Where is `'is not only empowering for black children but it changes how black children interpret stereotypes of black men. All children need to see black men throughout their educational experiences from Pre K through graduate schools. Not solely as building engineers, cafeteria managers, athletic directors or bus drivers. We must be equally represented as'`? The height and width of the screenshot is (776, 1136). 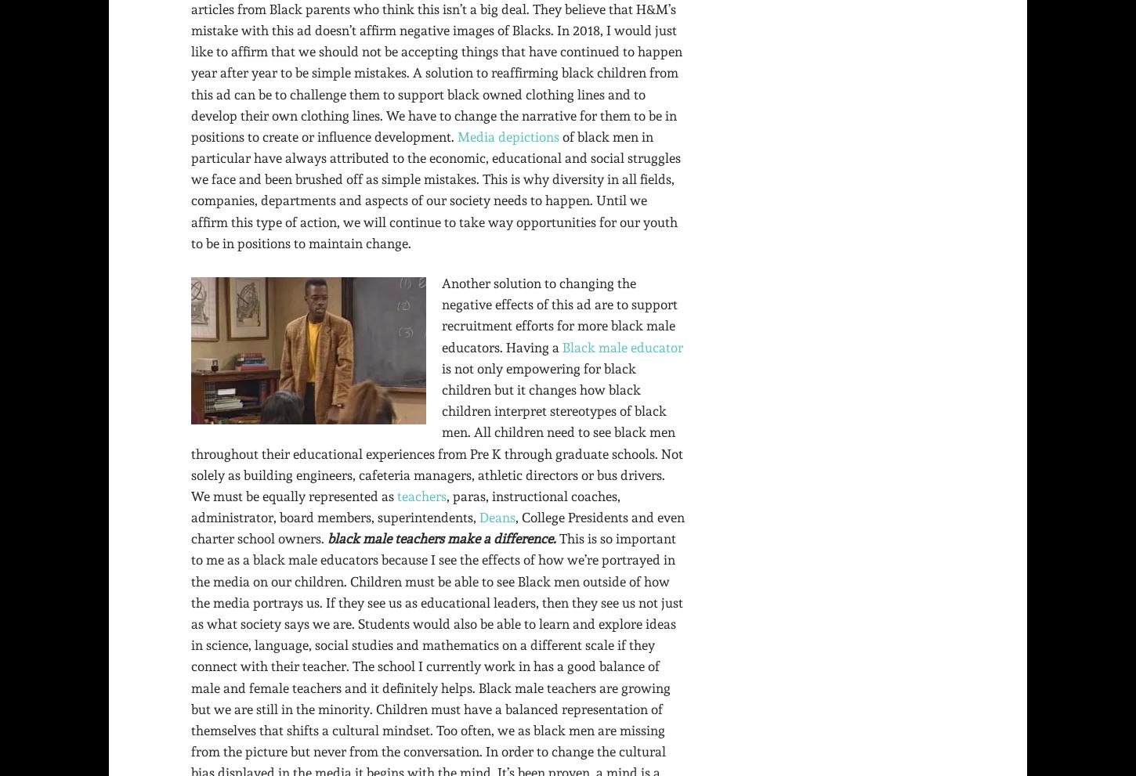 'is not only empowering for black children but it changes how black children interpret stereotypes of black men. All children need to see black men throughout their educational experiences from Pre K through graduate schools. Not solely as building engineers, cafeteria managers, athletic directors or bus drivers. We must be equally represented as' is located at coordinates (436, 431).